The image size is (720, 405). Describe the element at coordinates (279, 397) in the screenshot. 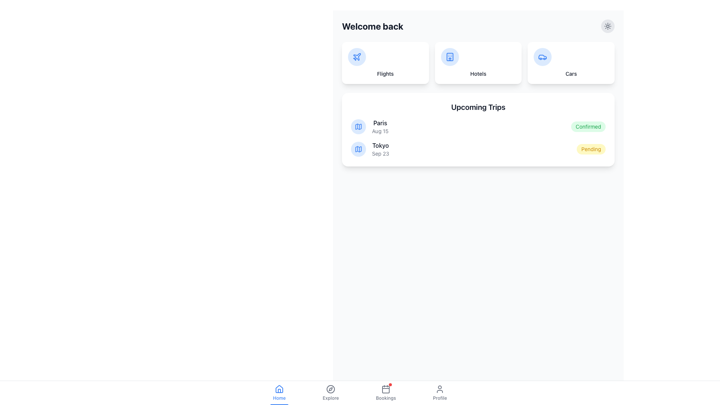

I see `the 'Home' text label located in the bottom menu` at that location.